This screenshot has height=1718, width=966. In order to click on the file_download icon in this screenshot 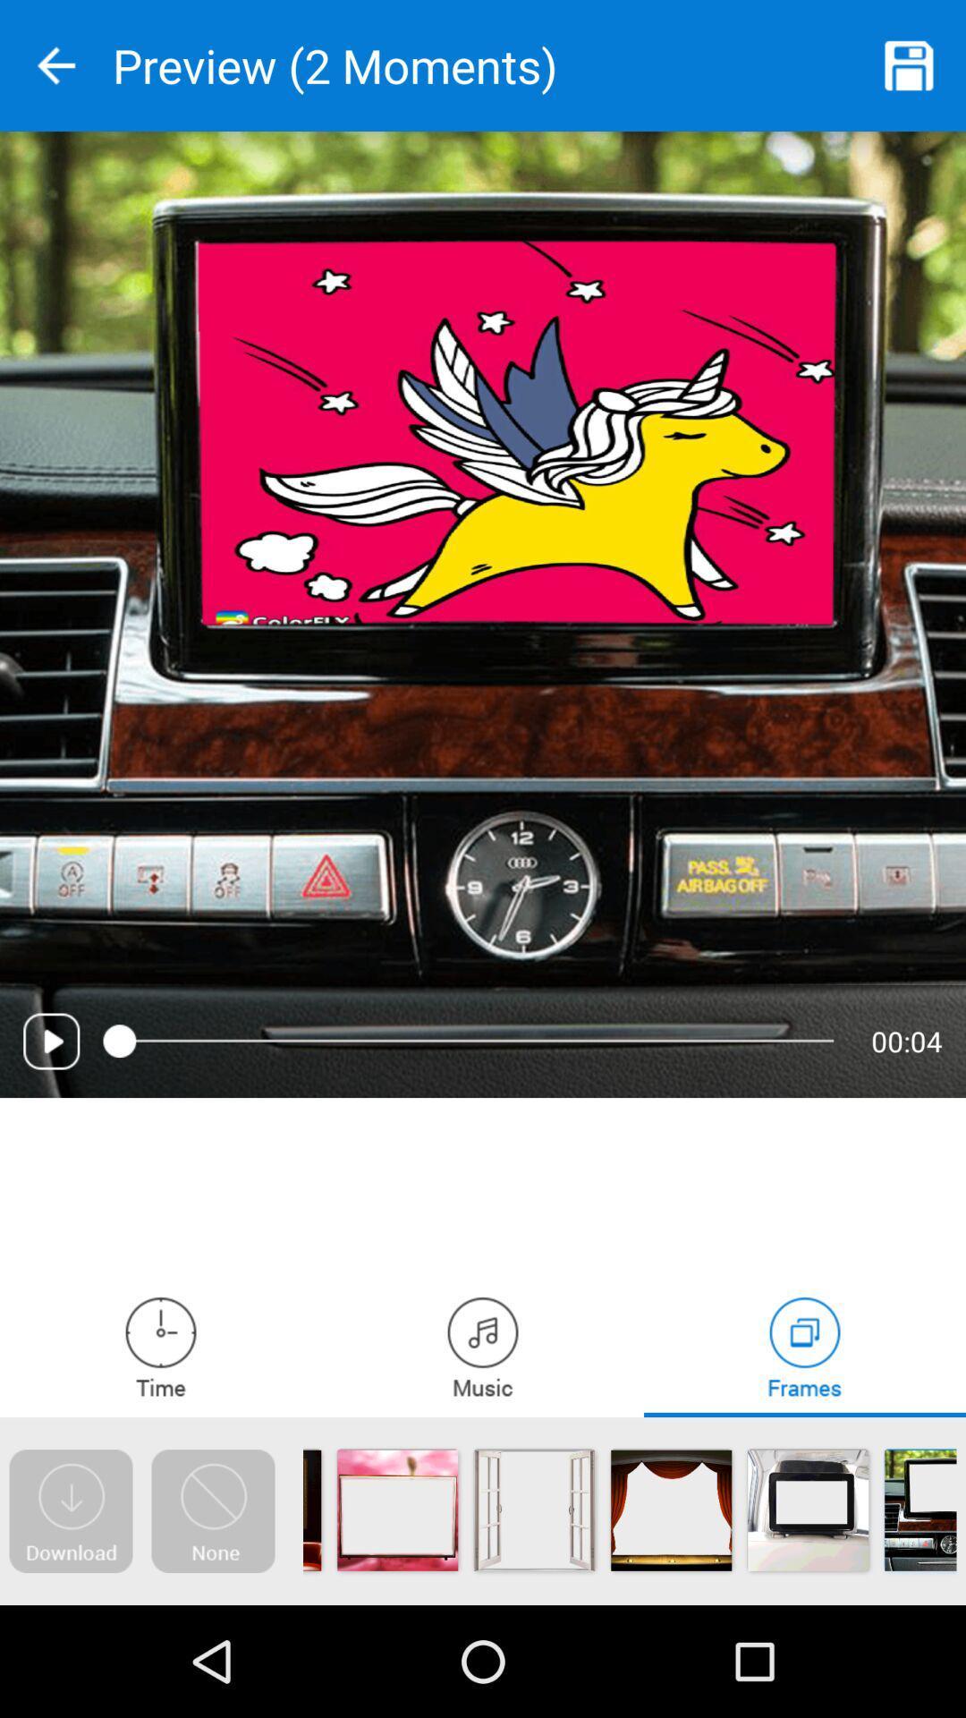, I will do `click(70, 1510)`.